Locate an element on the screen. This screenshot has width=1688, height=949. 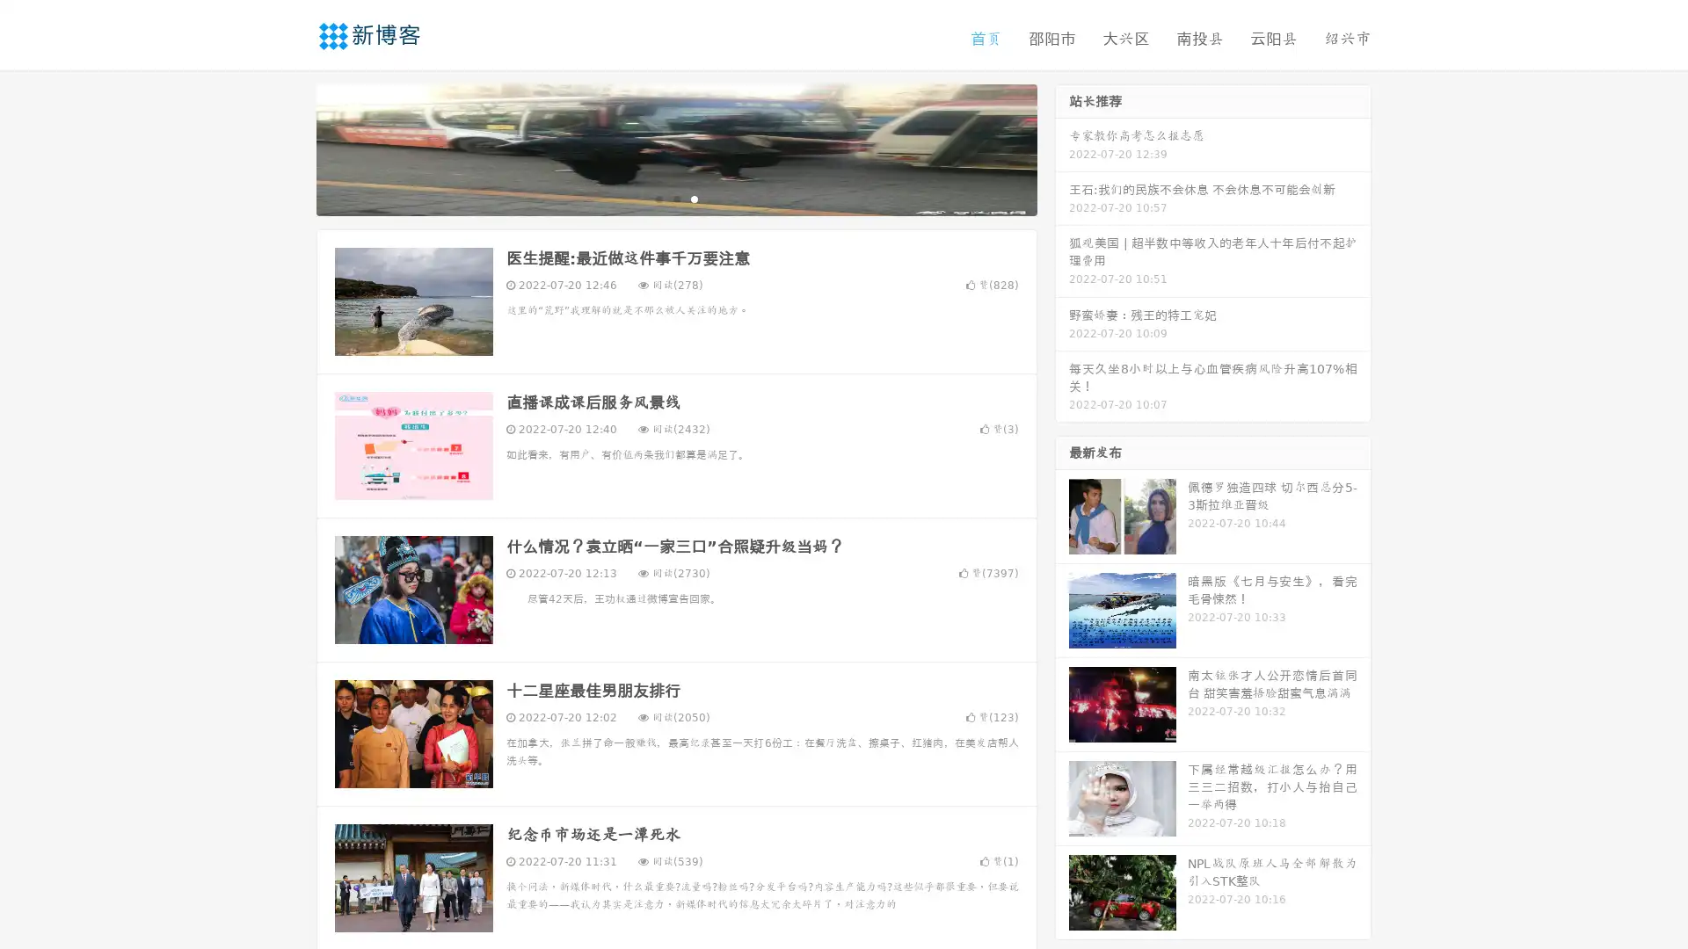
Go to slide 2 is located at coordinates (675, 198).